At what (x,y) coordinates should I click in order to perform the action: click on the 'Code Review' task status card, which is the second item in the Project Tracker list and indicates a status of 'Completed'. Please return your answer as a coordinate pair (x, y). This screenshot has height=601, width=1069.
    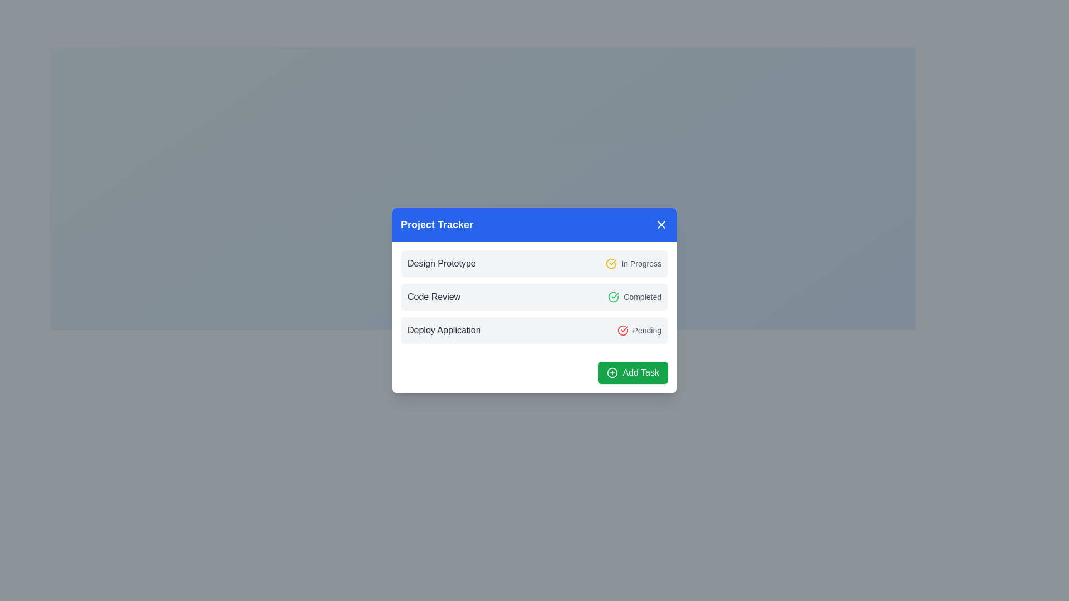
    Looking at the image, I should click on (534, 296).